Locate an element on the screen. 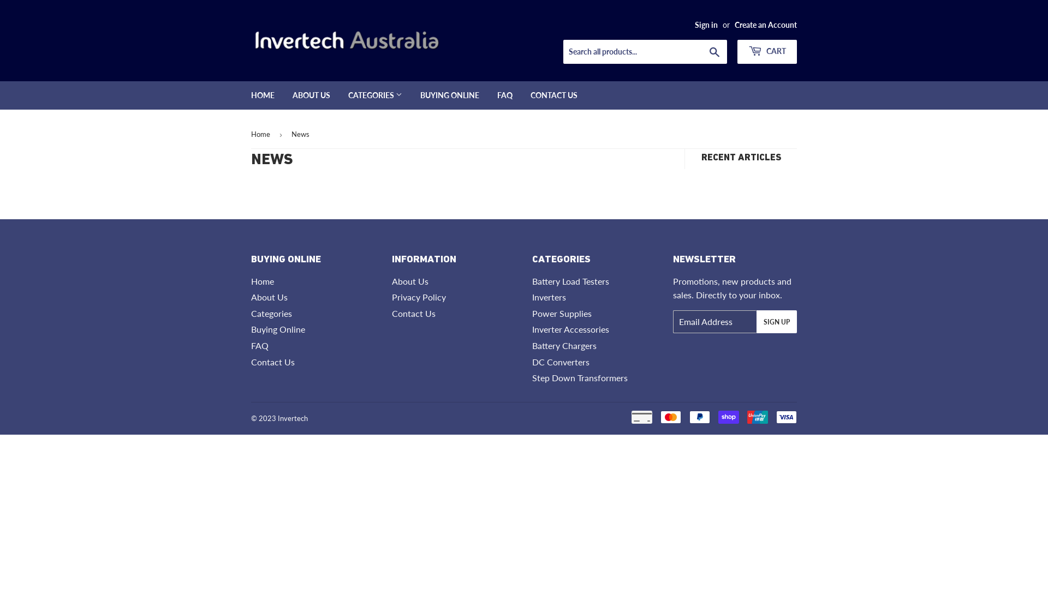  'Battery Chargers' is located at coordinates (564, 345).